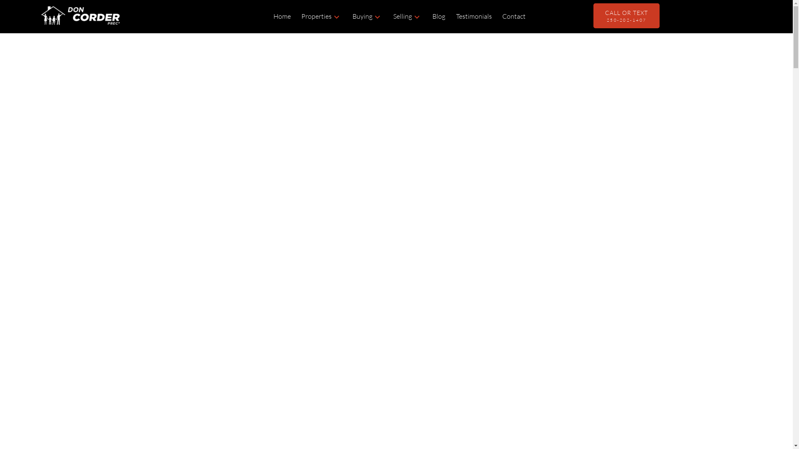 The image size is (799, 449). What do you see at coordinates (432, 16) in the screenshot?
I see `'Blog'` at bounding box center [432, 16].